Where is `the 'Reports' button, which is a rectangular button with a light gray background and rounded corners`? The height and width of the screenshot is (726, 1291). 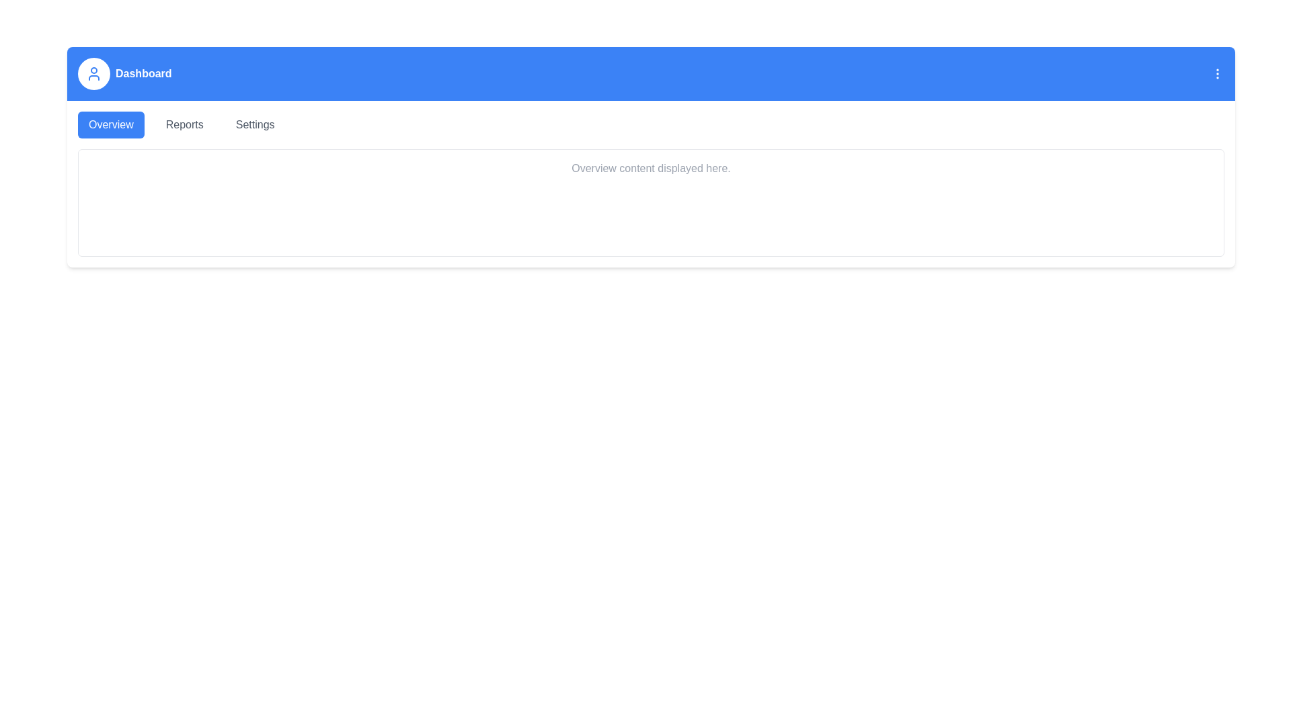 the 'Reports' button, which is a rectangular button with a light gray background and rounded corners is located at coordinates (184, 124).